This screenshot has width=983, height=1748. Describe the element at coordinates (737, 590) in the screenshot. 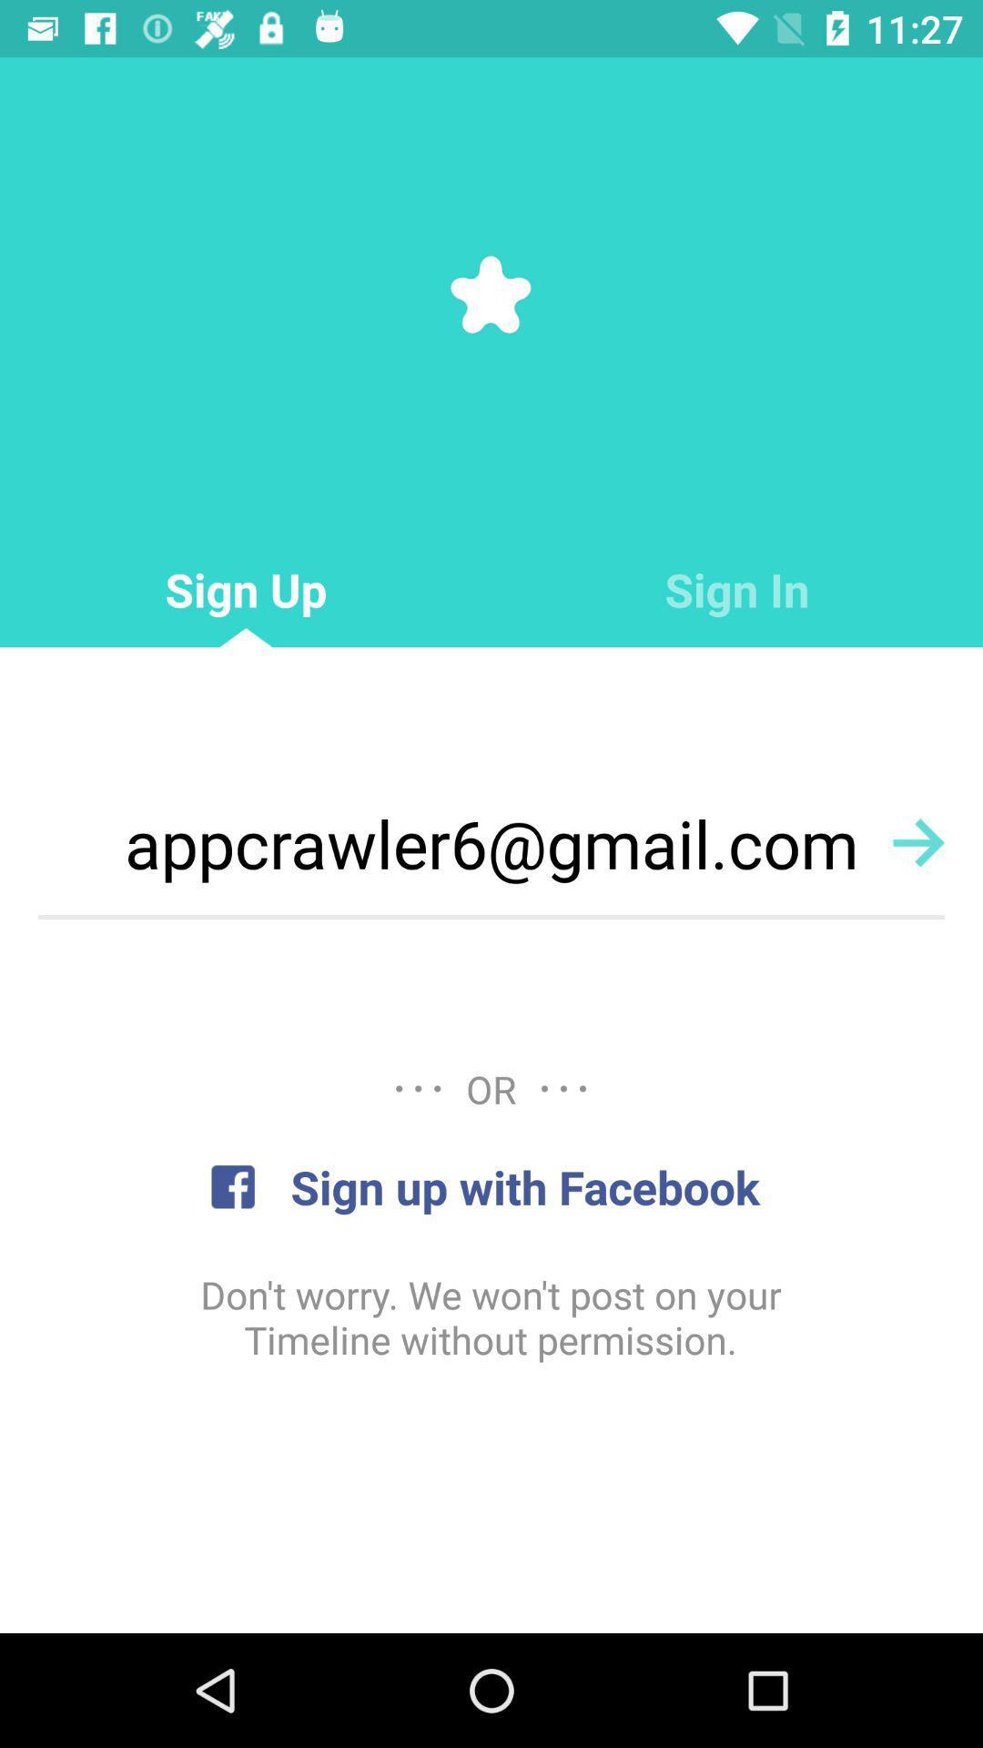

I see `the sign in` at that location.